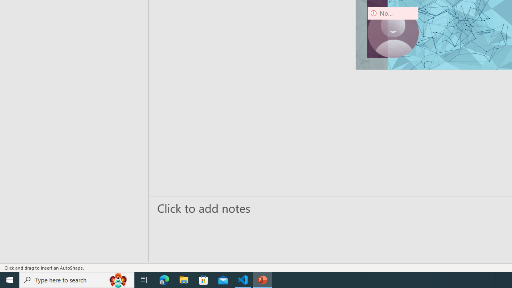  What do you see at coordinates (393, 32) in the screenshot?
I see `'Camera 9, No camera detected.'` at bounding box center [393, 32].